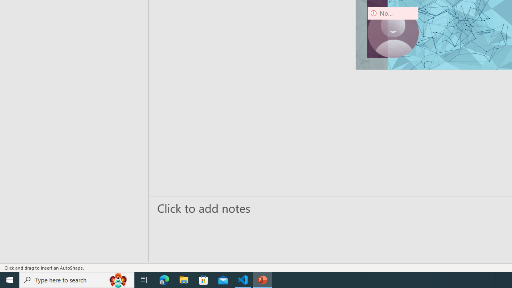  What do you see at coordinates (393, 32) in the screenshot?
I see `'Camera 9, No camera detected.'` at bounding box center [393, 32].